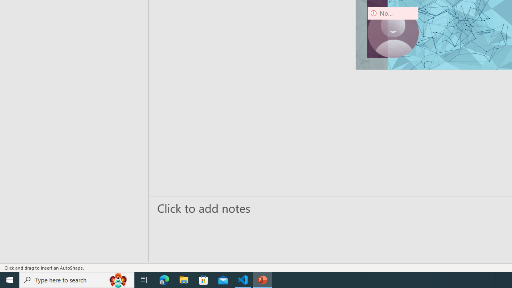  What do you see at coordinates (393, 32) in the screenshot?
I see `'Camera 9, No camera detected.'` at bounding box center [393, 32].